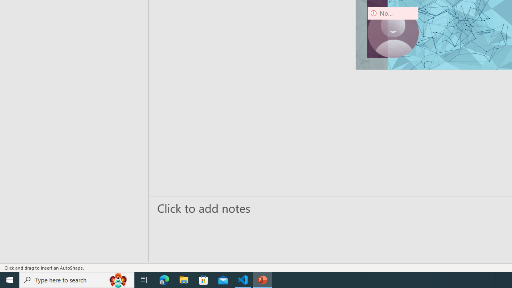  What do you see at coordinates (393, 32) in the screenshot?
I see `'Camera 9, No camera detected.'` at bounding box center [393, 32].